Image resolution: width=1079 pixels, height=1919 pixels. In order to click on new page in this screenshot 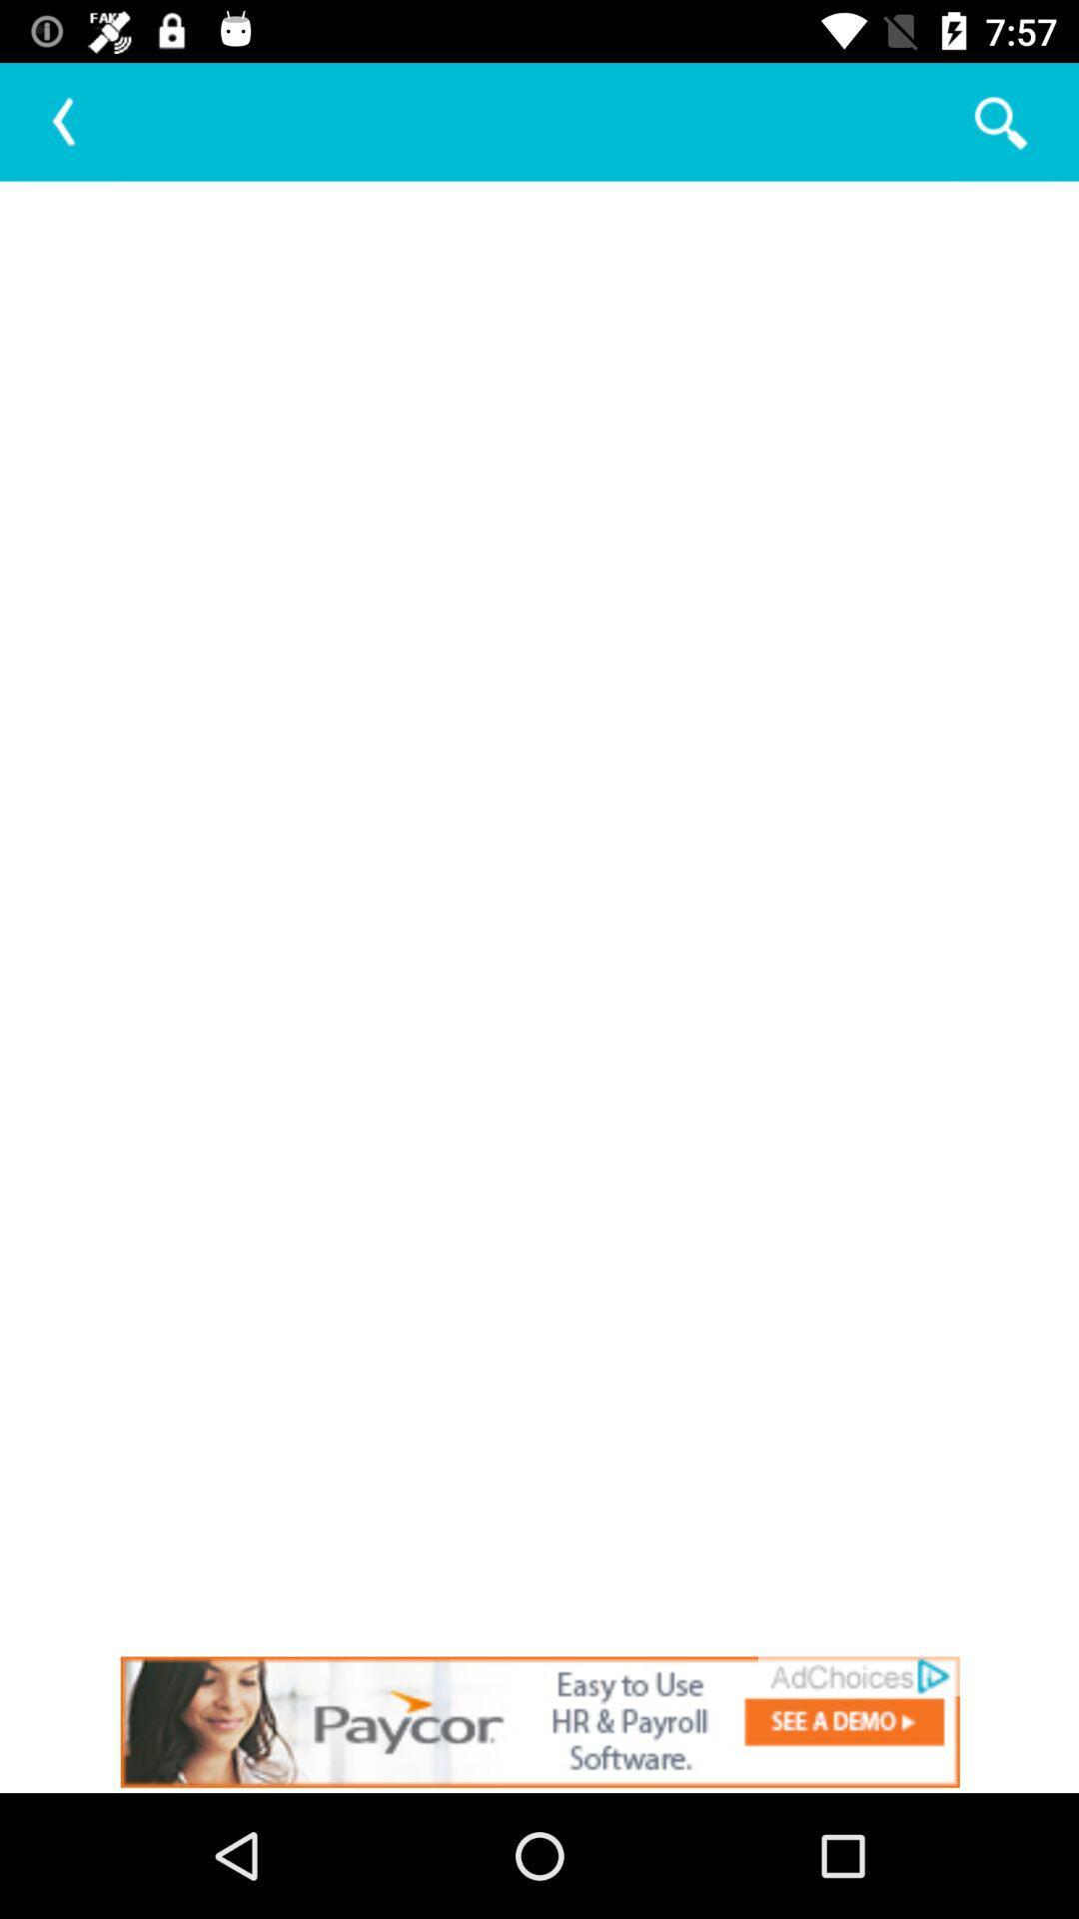, I will do `click(539, 915)`.